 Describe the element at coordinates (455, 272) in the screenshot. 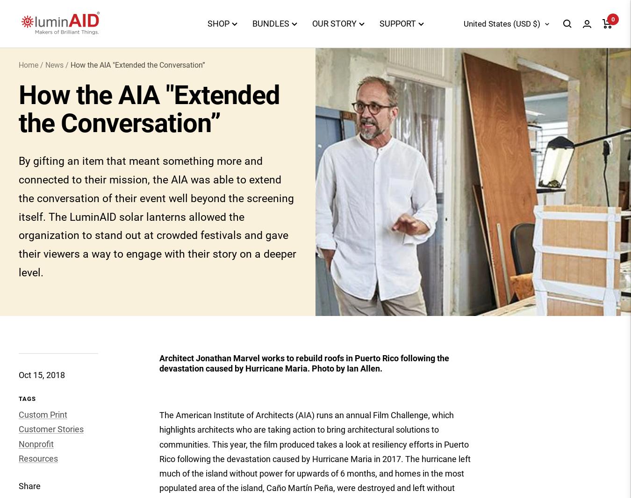

I see `'Croatia (USD $)'` at that location.